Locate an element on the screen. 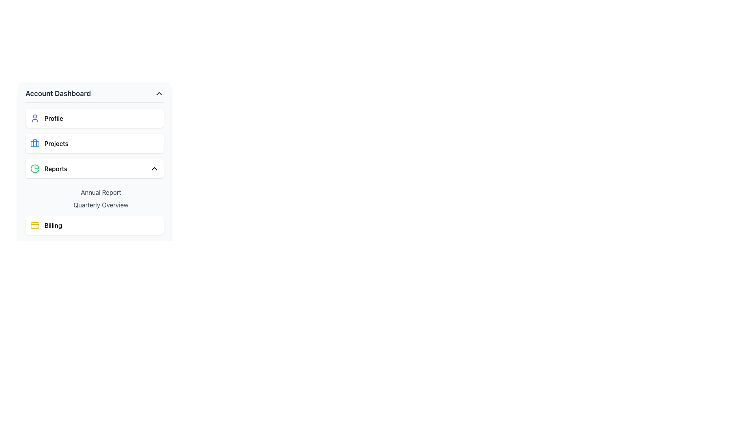  submenu entries from the collapsible menu under the 'Reports' section of the 'Account Dashboard' is located at coordinates (94, 197).